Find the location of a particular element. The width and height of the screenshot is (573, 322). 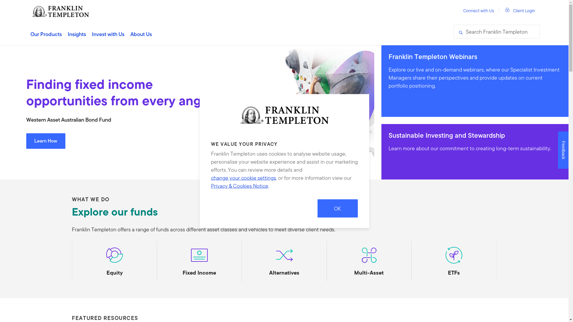

'ETFs' is located at coordinates (454, 261).